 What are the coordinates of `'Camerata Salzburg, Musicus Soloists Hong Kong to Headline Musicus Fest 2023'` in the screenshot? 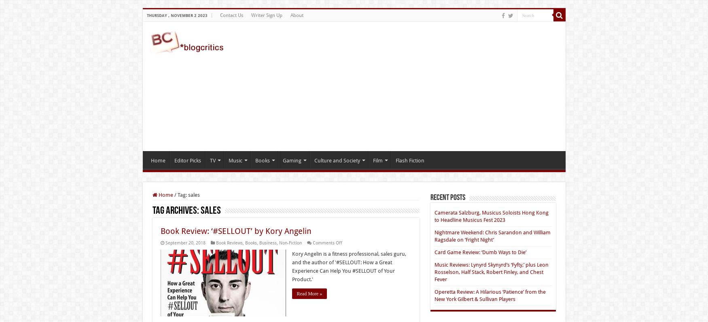 It's located at (491, 216).